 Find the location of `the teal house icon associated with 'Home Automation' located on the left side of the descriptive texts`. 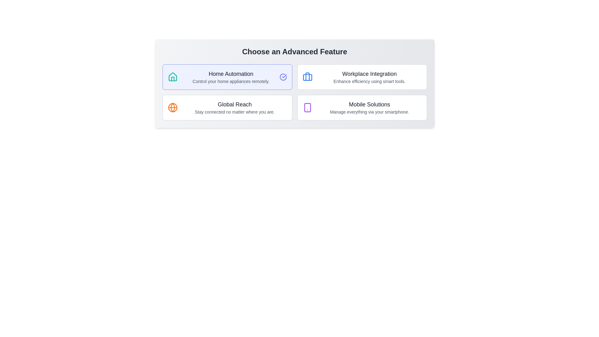

the teal house icon associated with 'Home Automation' located on the left side of the descriptive texts is located at coordinates (173, 76).